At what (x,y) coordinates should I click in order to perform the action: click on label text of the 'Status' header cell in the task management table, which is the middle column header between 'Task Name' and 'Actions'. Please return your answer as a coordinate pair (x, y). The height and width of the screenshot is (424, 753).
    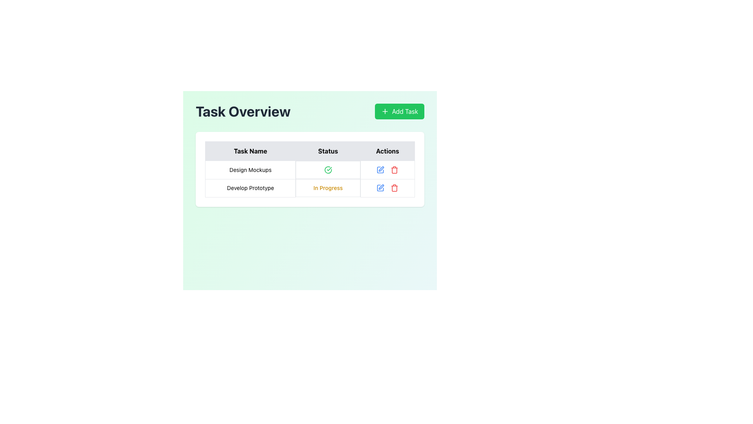
    Looking at the image, I should click on (328, 151).